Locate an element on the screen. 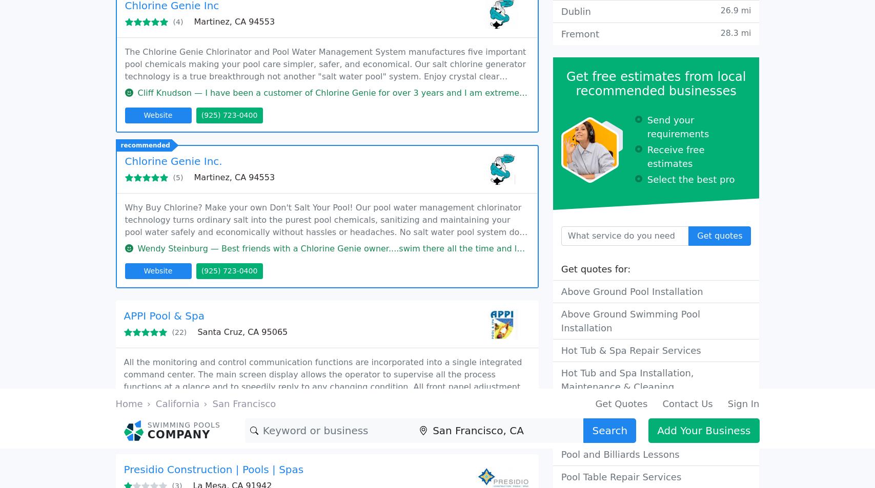  '(818) 599-7665' is located at coordinates (157, 114).